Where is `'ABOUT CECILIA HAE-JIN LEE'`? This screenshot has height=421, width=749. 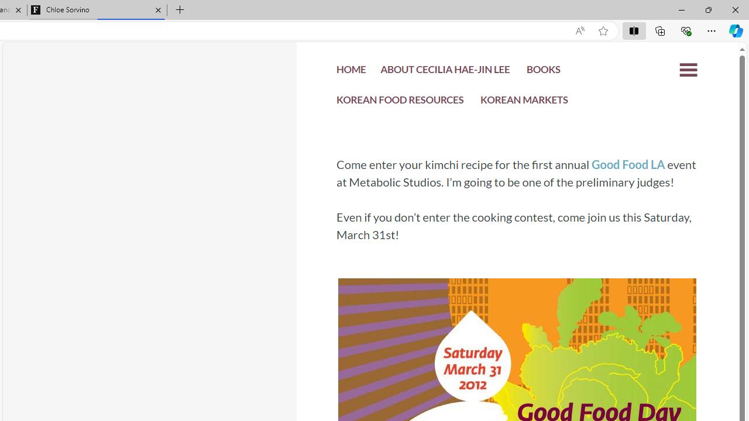
'ABOUT CECILIA HAE-JIN LEE' is located at coordinates (444, 71).